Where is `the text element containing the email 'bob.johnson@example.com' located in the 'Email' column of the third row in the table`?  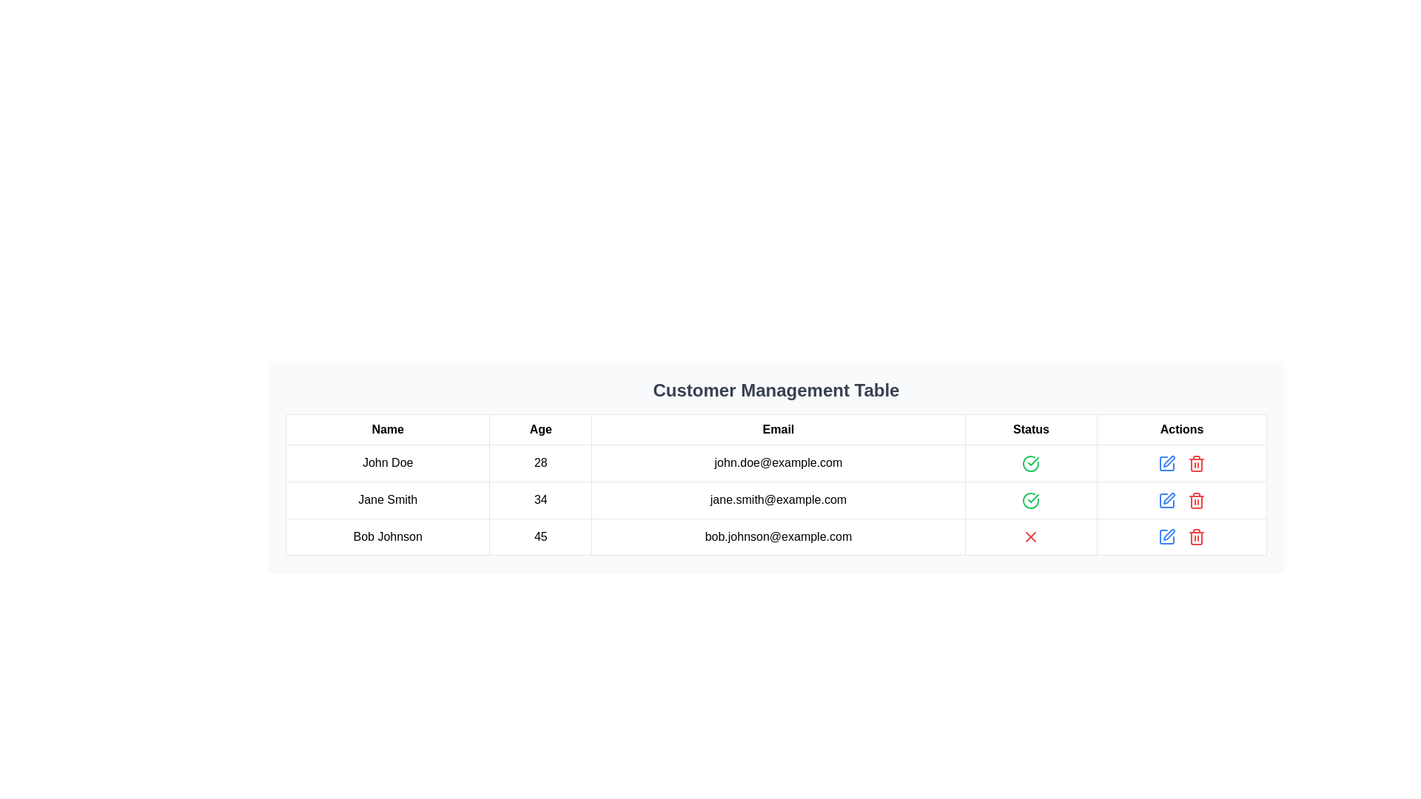 the text element containing the email 'bob.johnson@example.com' located in the 'Email' column of the third row in the table is located at coordinates (777, 536).